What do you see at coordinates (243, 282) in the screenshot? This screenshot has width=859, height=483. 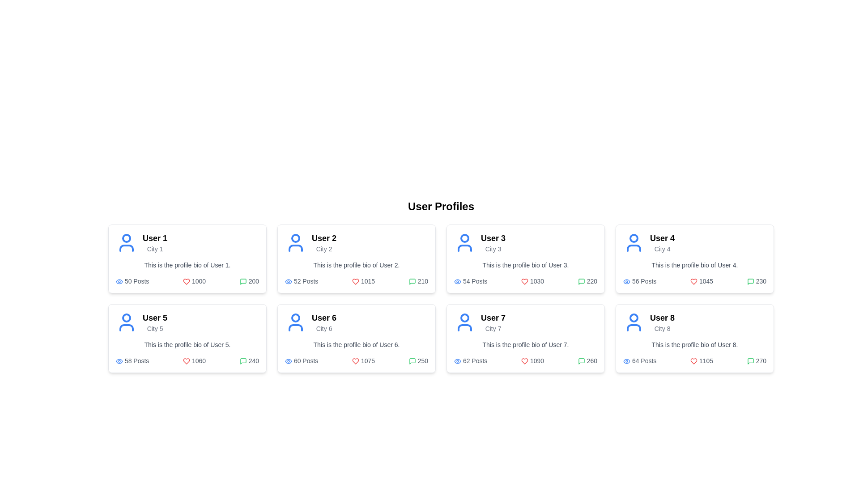 I see `the small green message box icon located at the bottom right corner of 'User 1's profile card, next to the number '200'` at bounding box center [243, 282].